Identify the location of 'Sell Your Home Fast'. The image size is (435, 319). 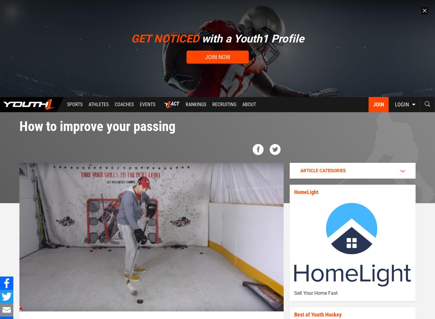
(315, 293).